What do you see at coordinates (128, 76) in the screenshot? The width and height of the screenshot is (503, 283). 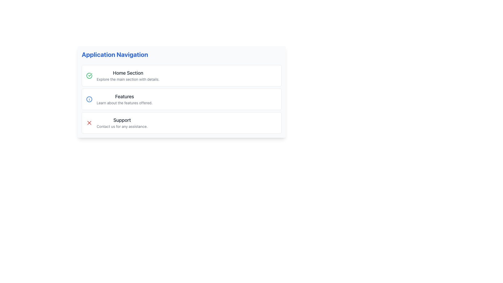 I see `descriptive text below the bold heading 'Home Section' which states 'Explore the main section with details.'` at bounding box center [128, 76].